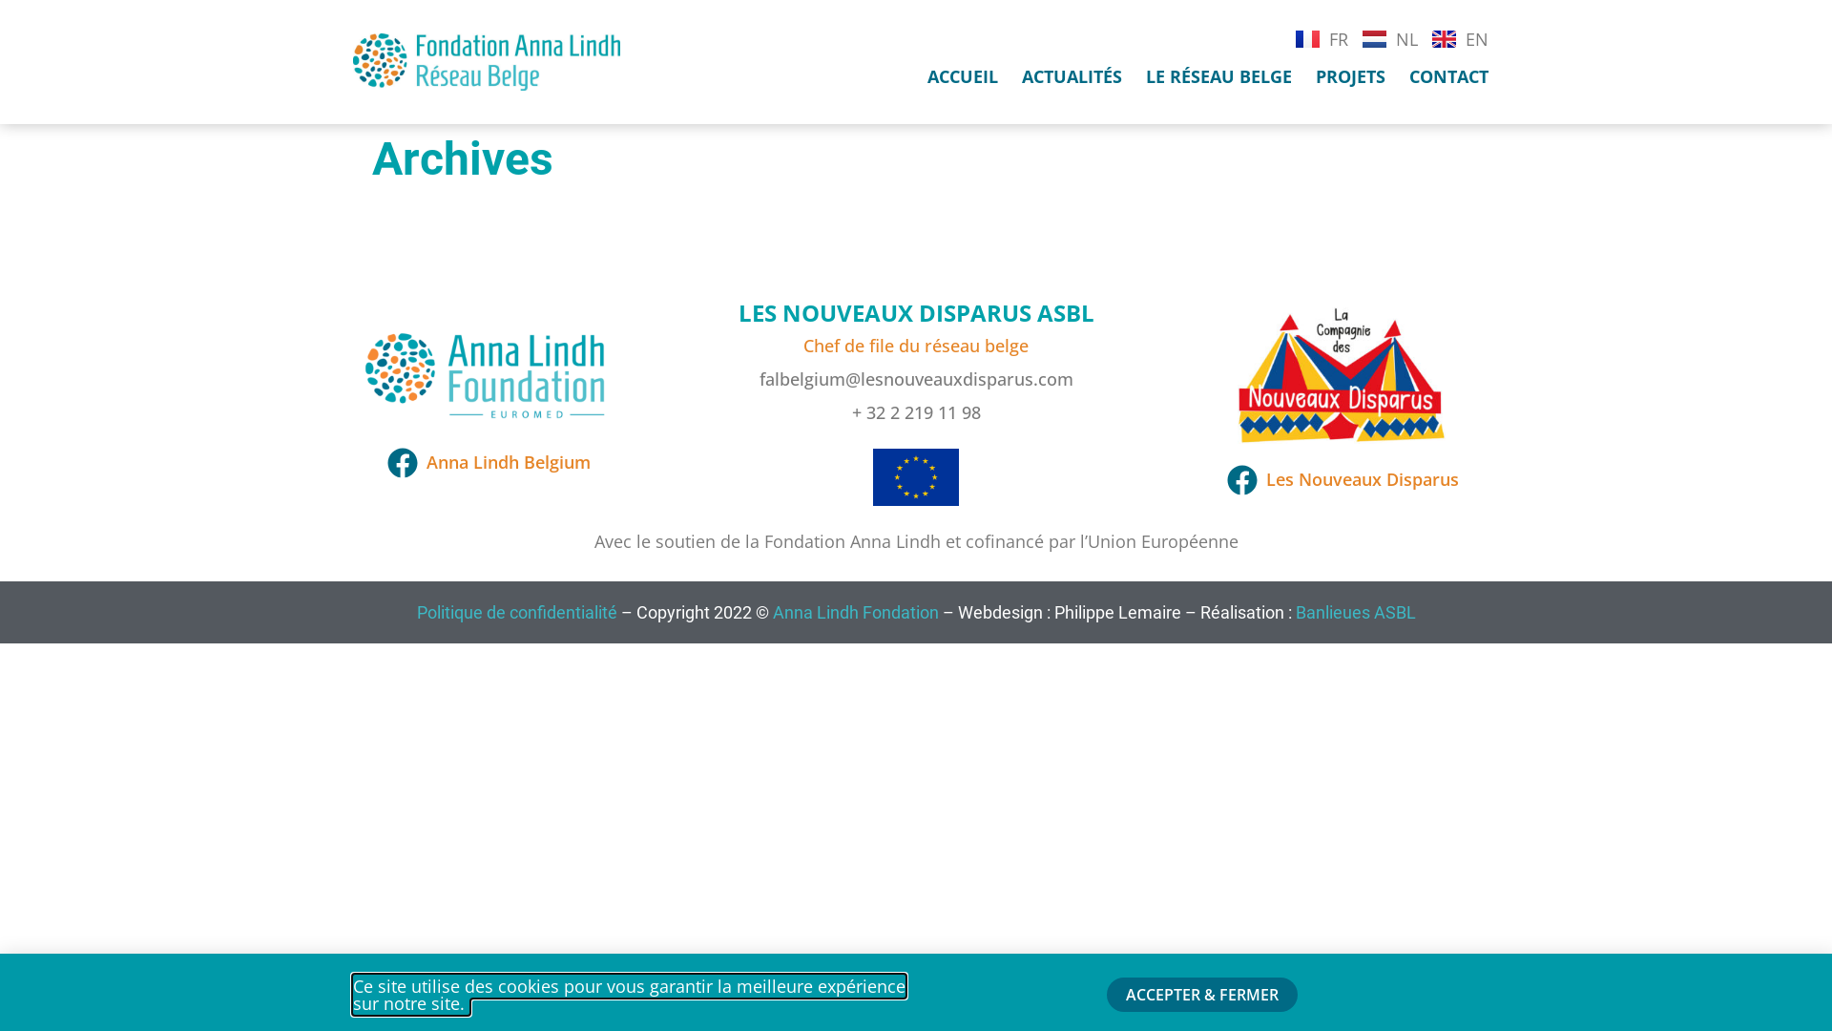 The width and height of the screenshot is (1832, 1031). Describe the element at coordinates (962, 75) in the screenshot. I see `'ACCUEIL'` at that location.